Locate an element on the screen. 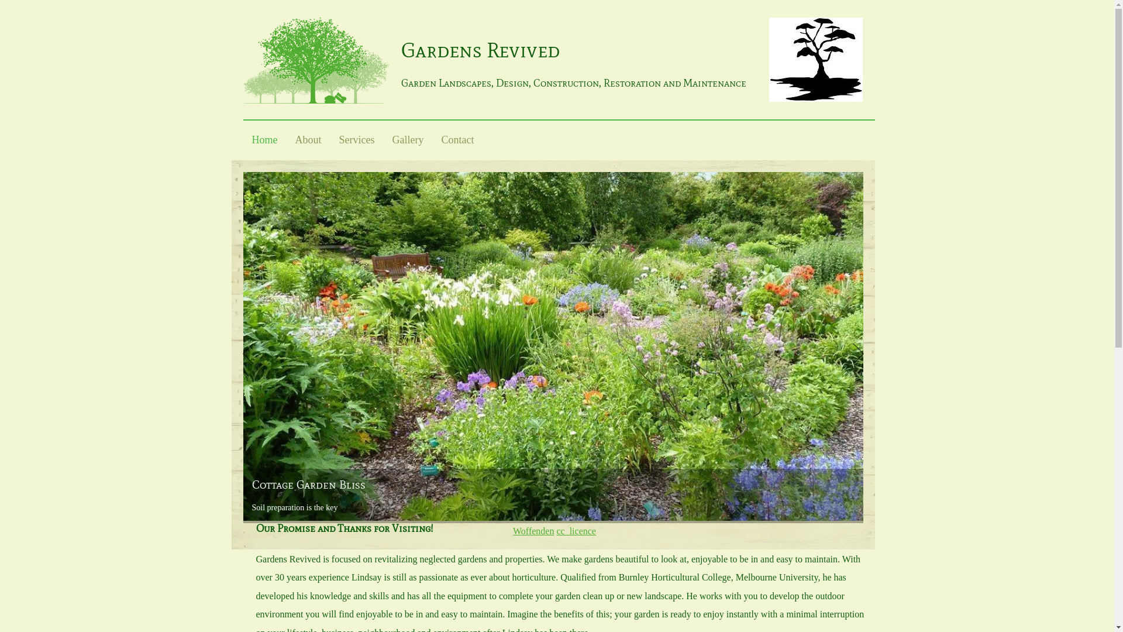 Image resolution: width=1123 pixels, height=632 pixels. 'Home' is located at coordinates (264, 139).